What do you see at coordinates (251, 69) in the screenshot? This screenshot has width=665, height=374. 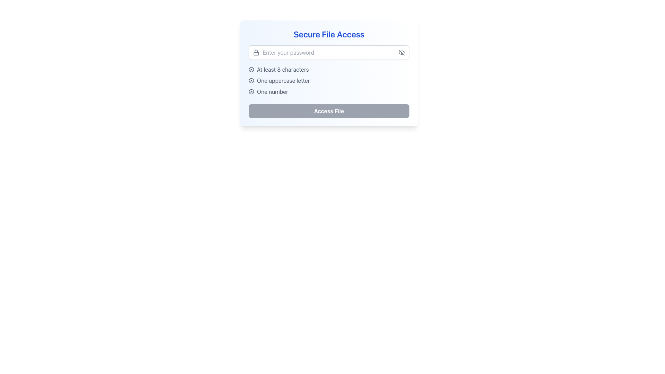 I see `the circular icon with an 'X' symbol located to the left of the text 'At least 8 characters' in the validation criteria list below the password input field` at bounding box center [251, 69].